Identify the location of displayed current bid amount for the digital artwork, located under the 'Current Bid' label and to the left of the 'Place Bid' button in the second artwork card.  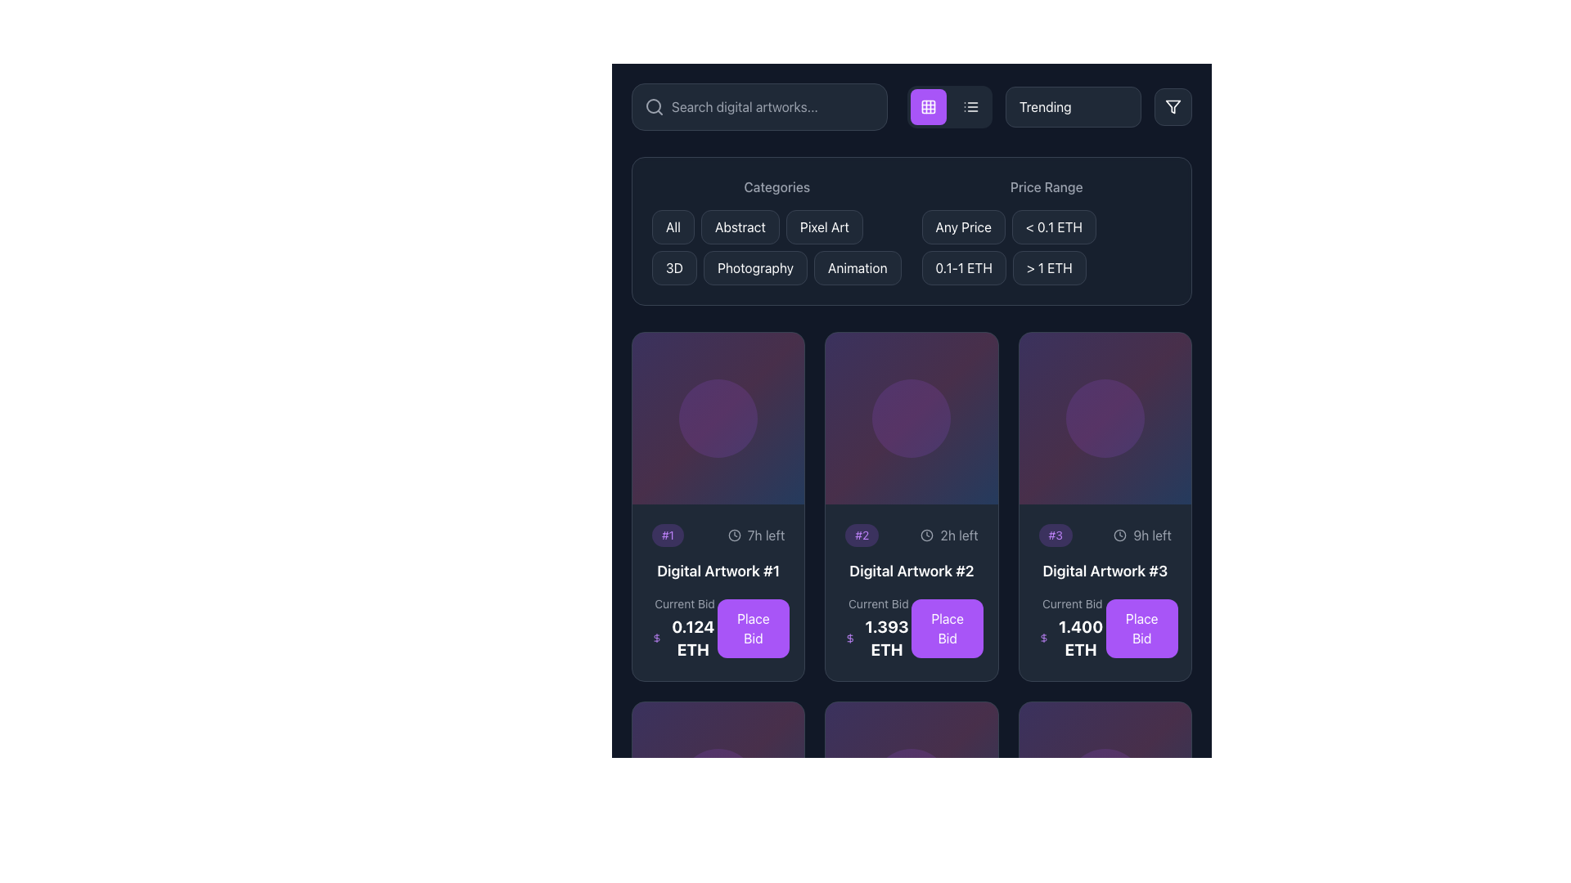
(877, 638).